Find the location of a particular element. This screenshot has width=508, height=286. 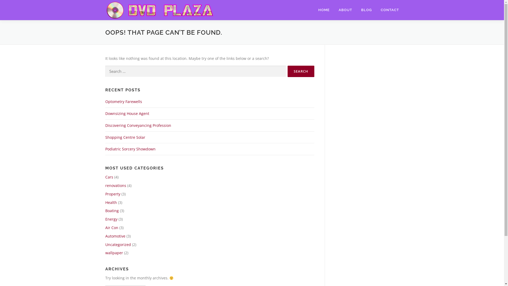

'BLOG' is located at coordinates (366, 10).